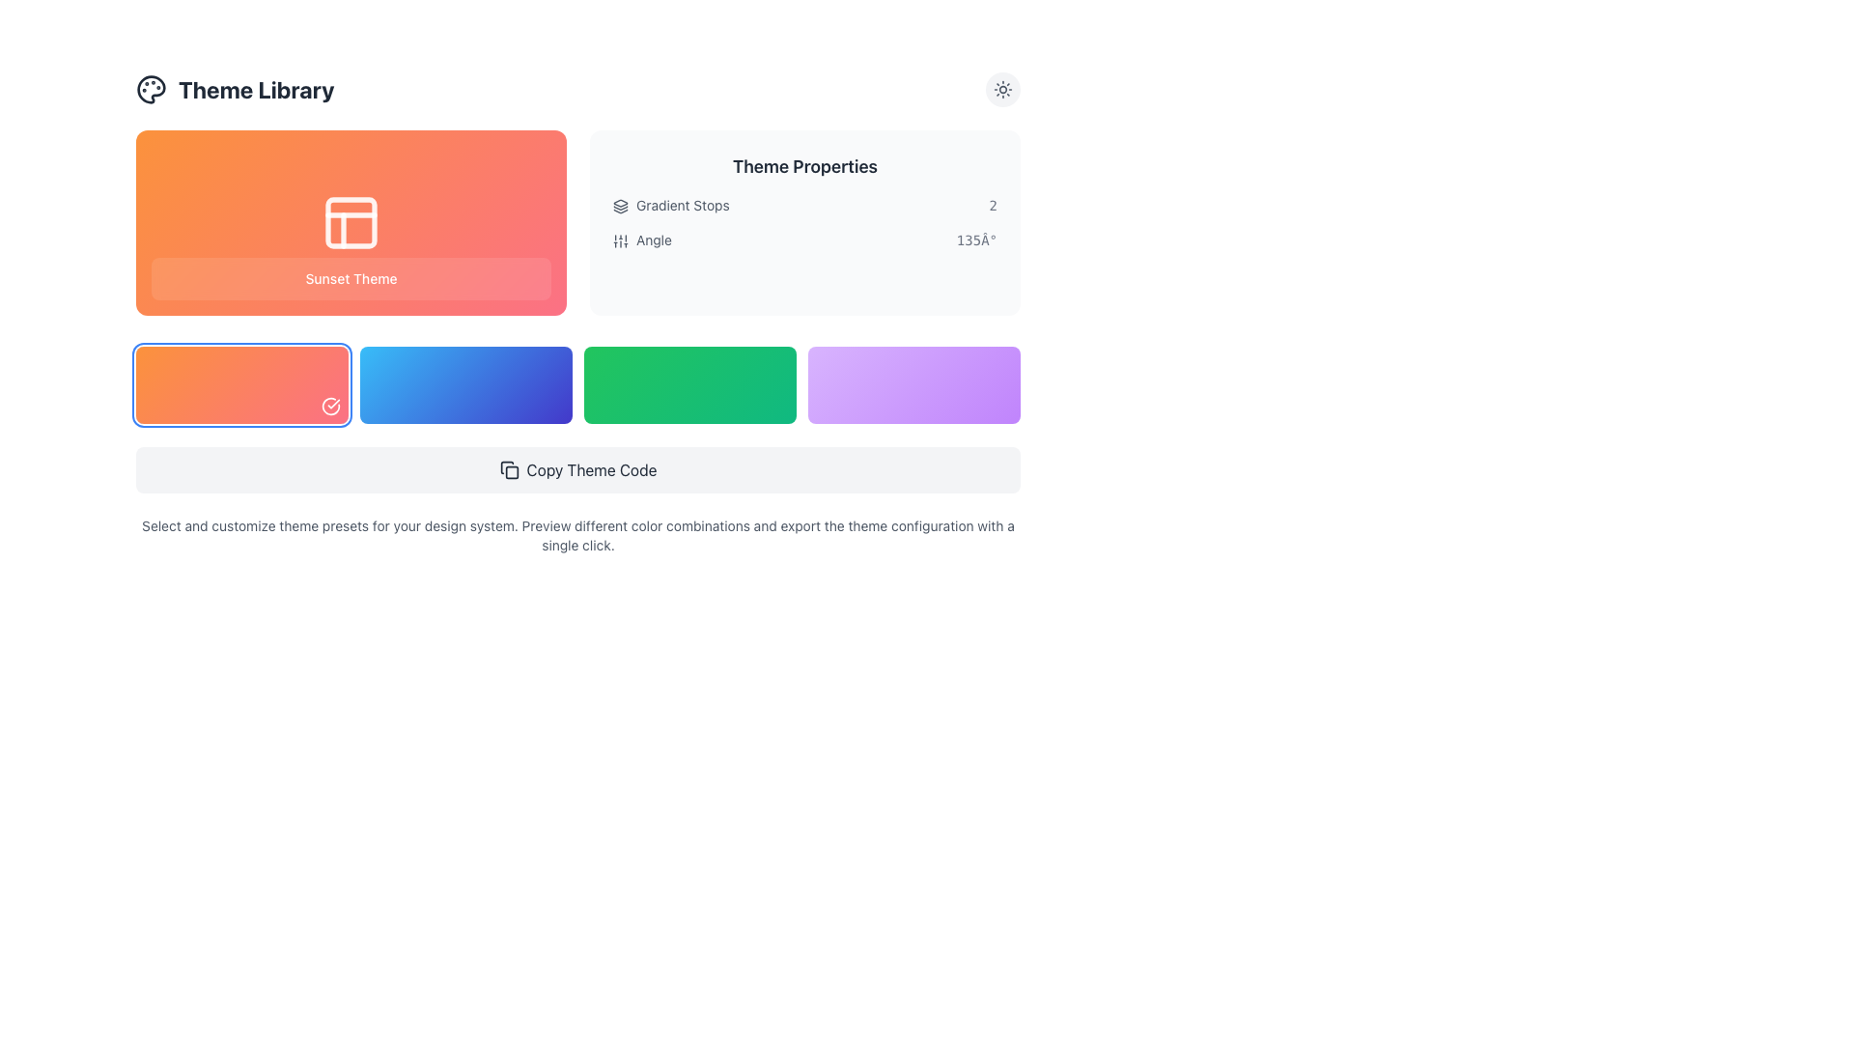 The image size is (1854, 1043). I want to click on the theme switcher icon located at the top-right corner of the interface, adjacent to the title 'Theme Properties', so click(1002, 89).